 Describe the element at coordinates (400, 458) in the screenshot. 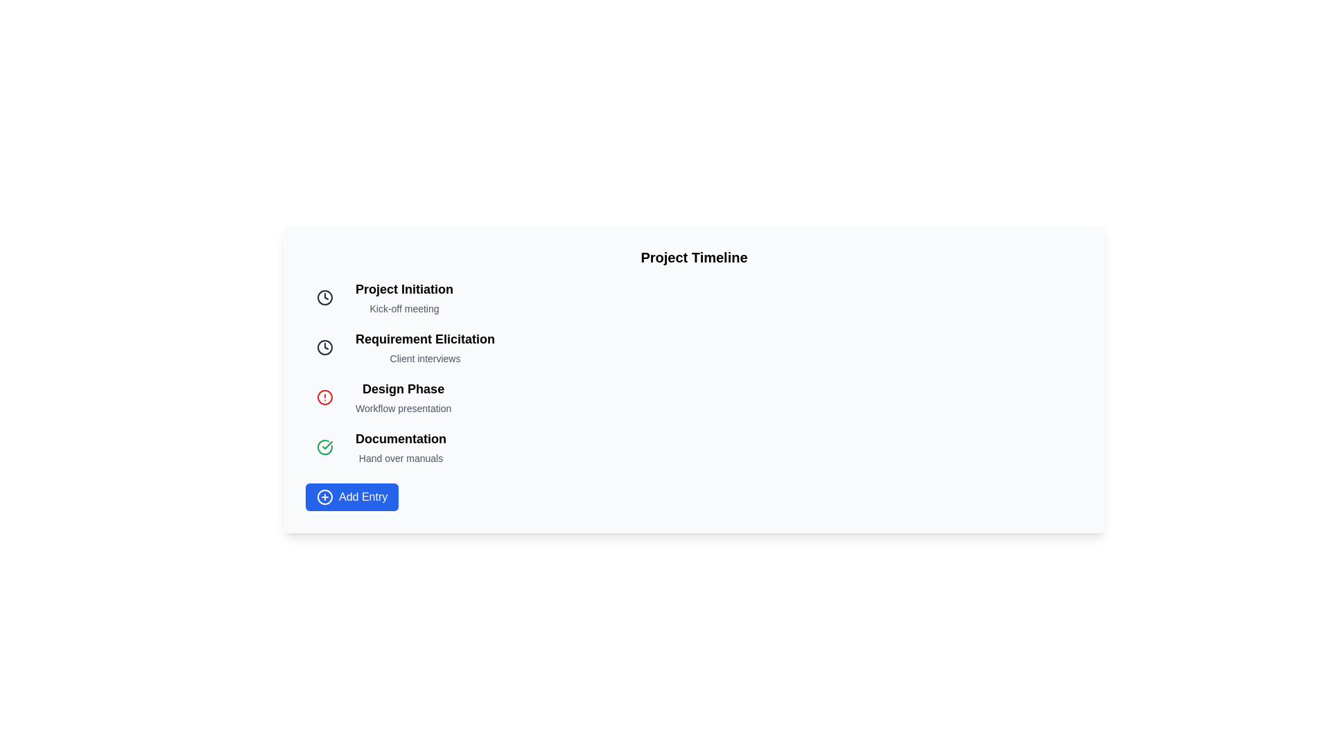

I see `the text element 'Hand over manuals' located below the 'Documentation' heading in the 'Documentation' section of the 'Project Timeline'` at that location.